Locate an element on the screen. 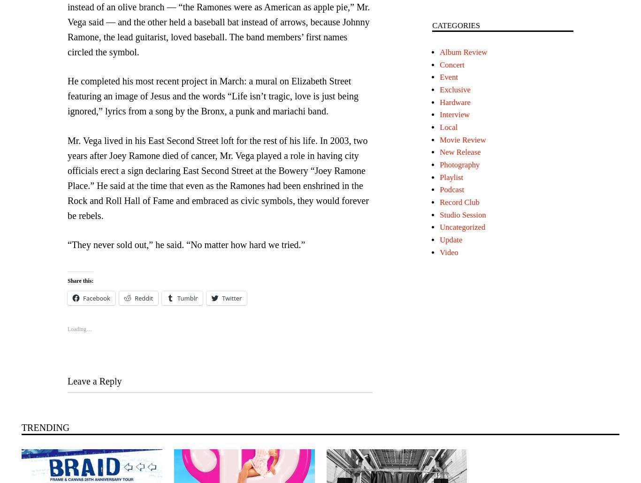  'Studio Session' is located at coordinates (462, 214).